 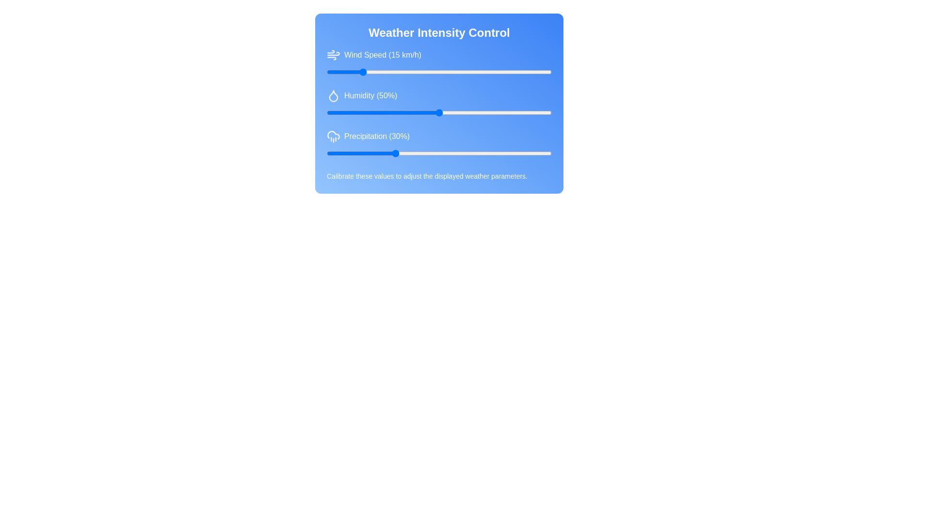 What do you see at coordinates (448, 112) in the screenshot?
I see `the humidity level` at bounding box center [448, 112].